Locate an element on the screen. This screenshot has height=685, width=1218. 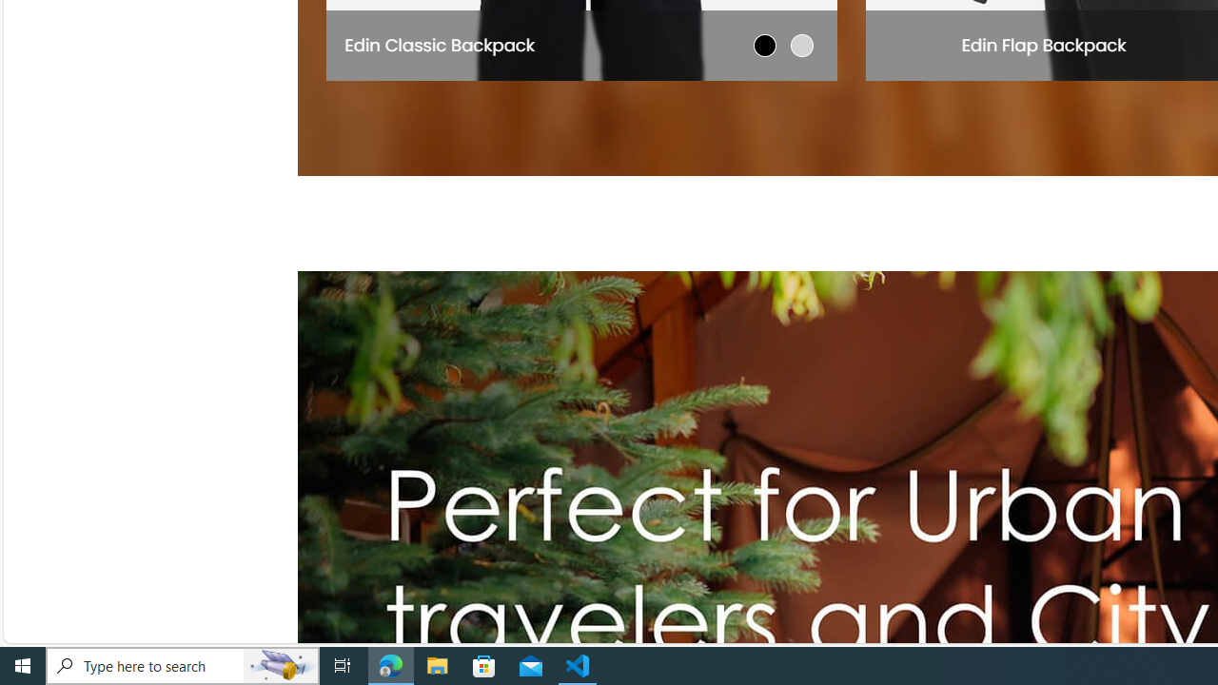
'Black' is located at coordinates (765, 44).